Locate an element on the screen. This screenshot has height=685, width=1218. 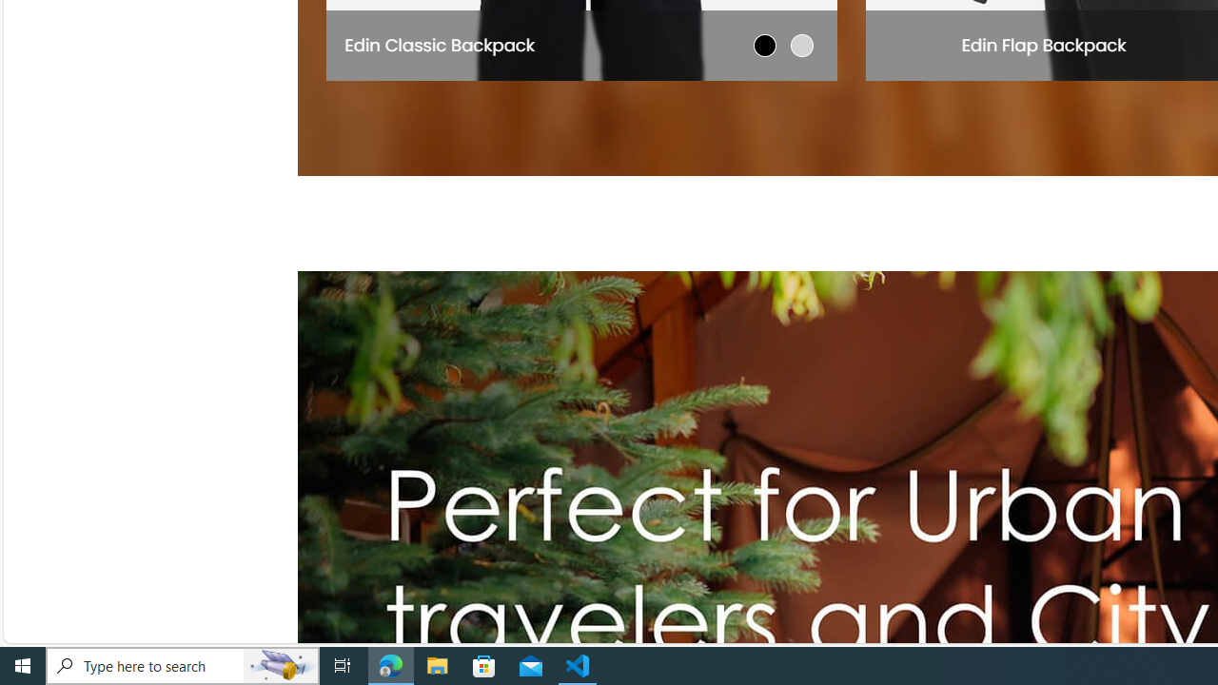
'Black' is located at coordinates (765, 44).